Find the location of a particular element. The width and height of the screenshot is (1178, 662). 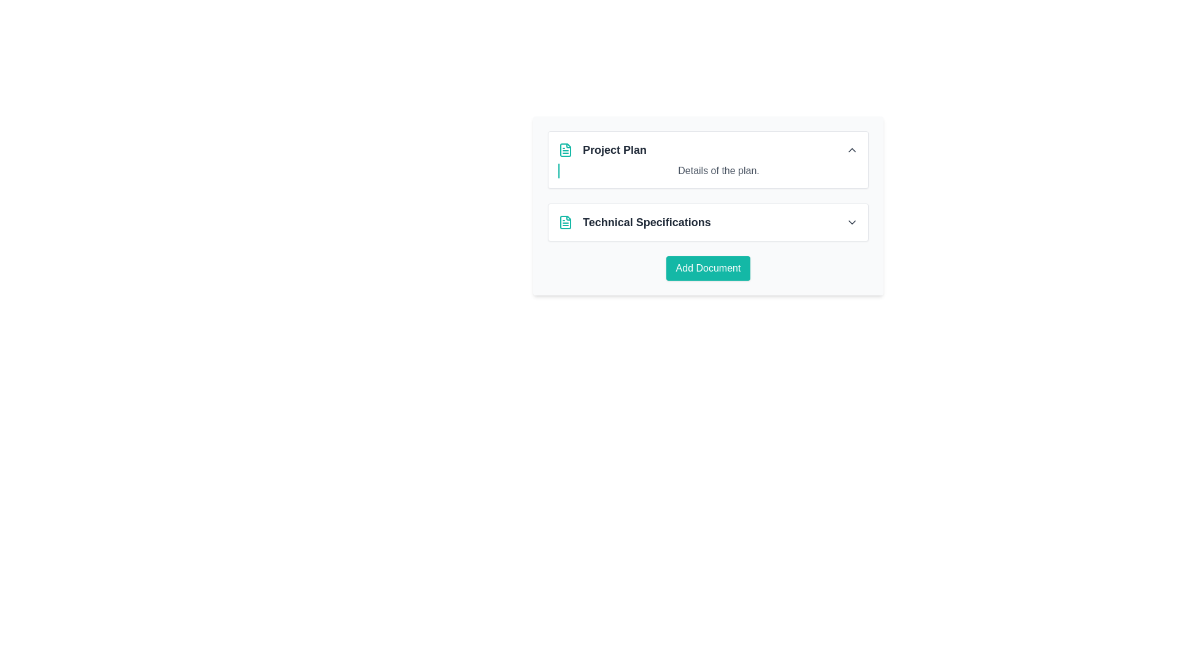

the Chevron-style toggle button for the 'Project Plan' row is located at coordinates (851, 150).